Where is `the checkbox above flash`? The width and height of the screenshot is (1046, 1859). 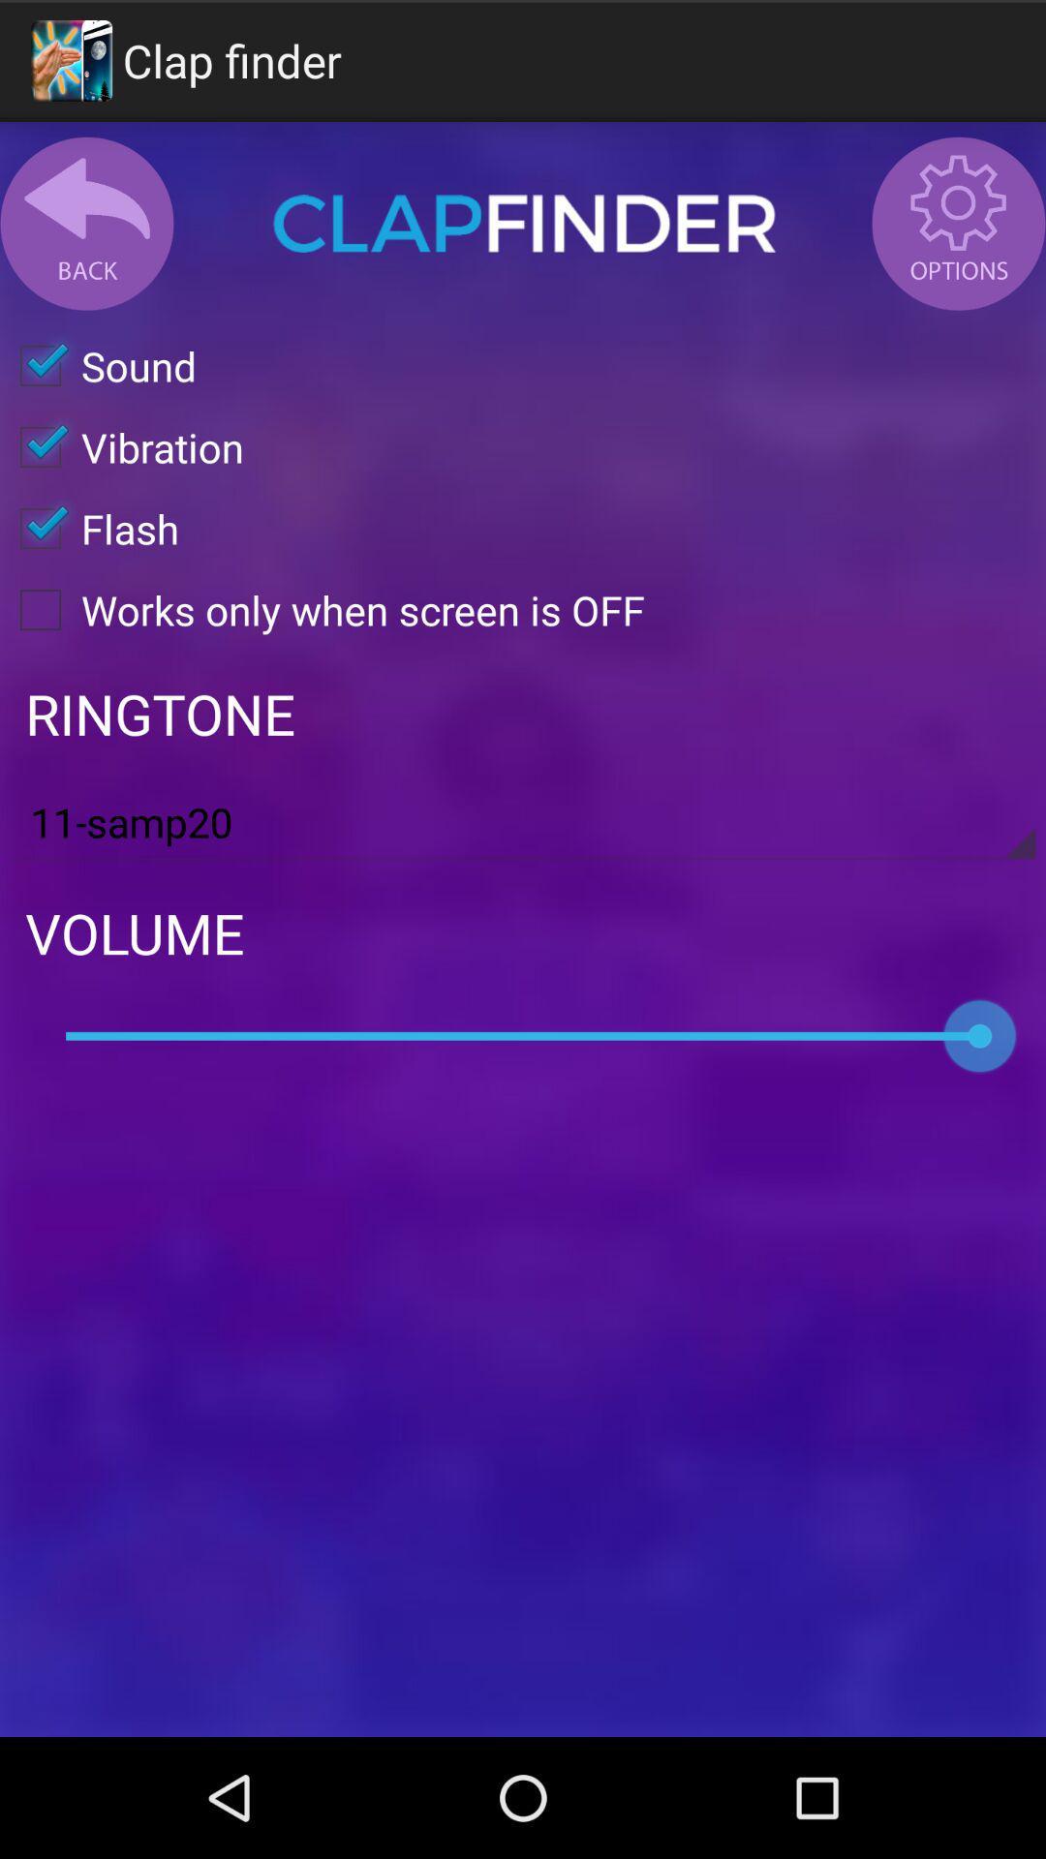
the checkbox above flash is located at coordinates (122, 445).